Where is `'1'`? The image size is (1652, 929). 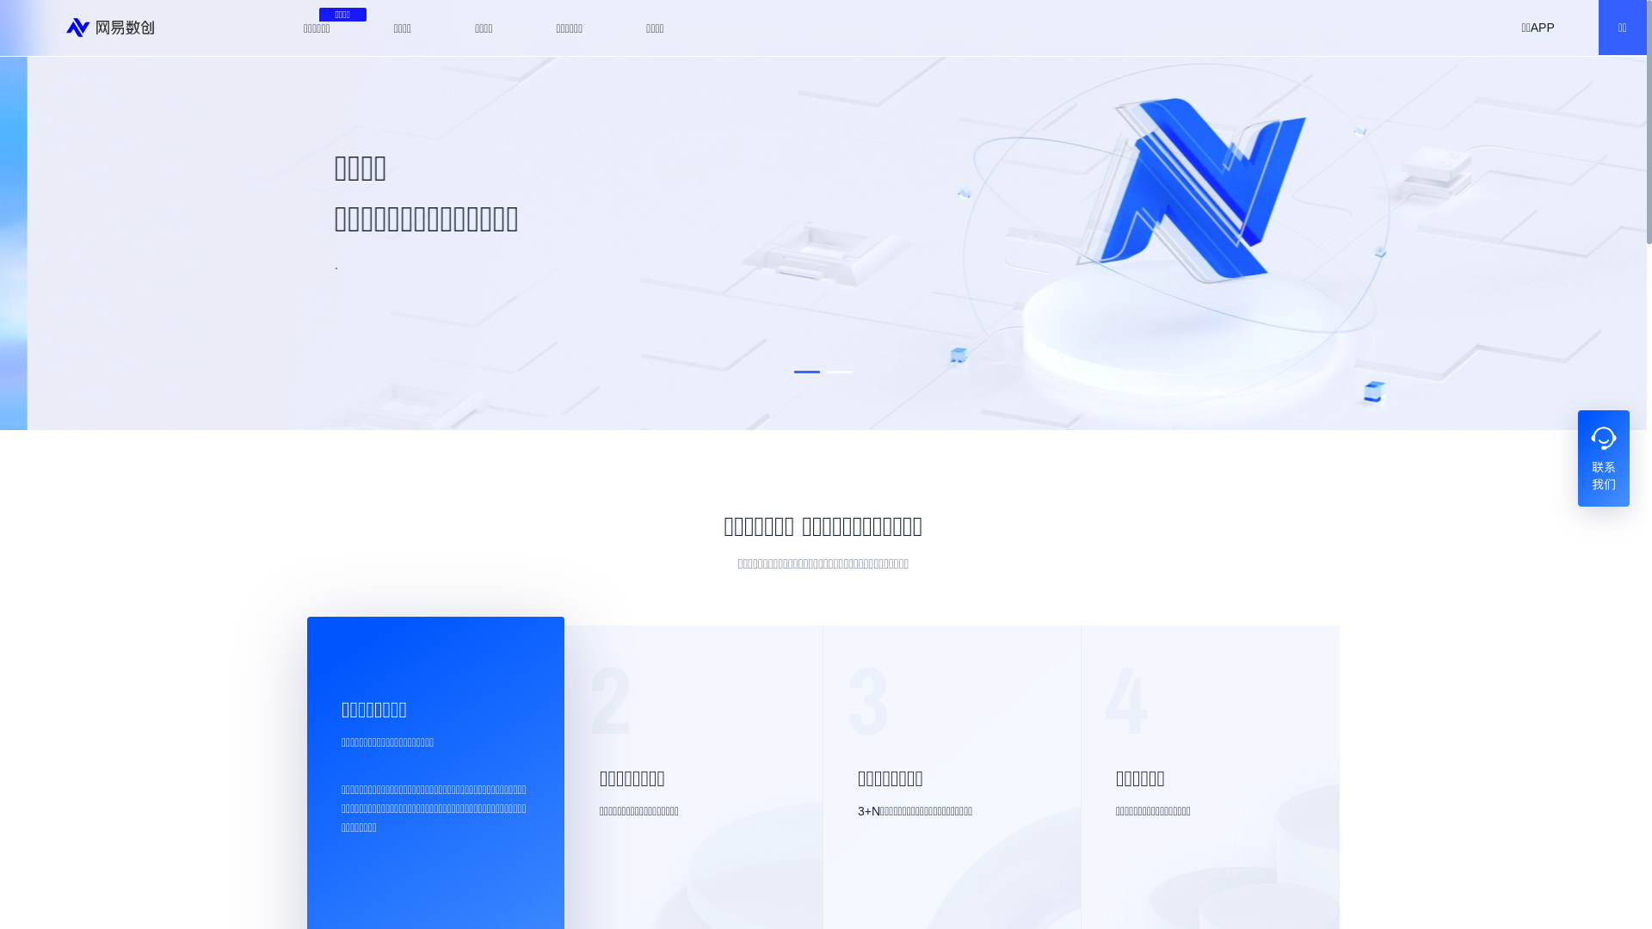
'1' is located at coordinates (805, 371).